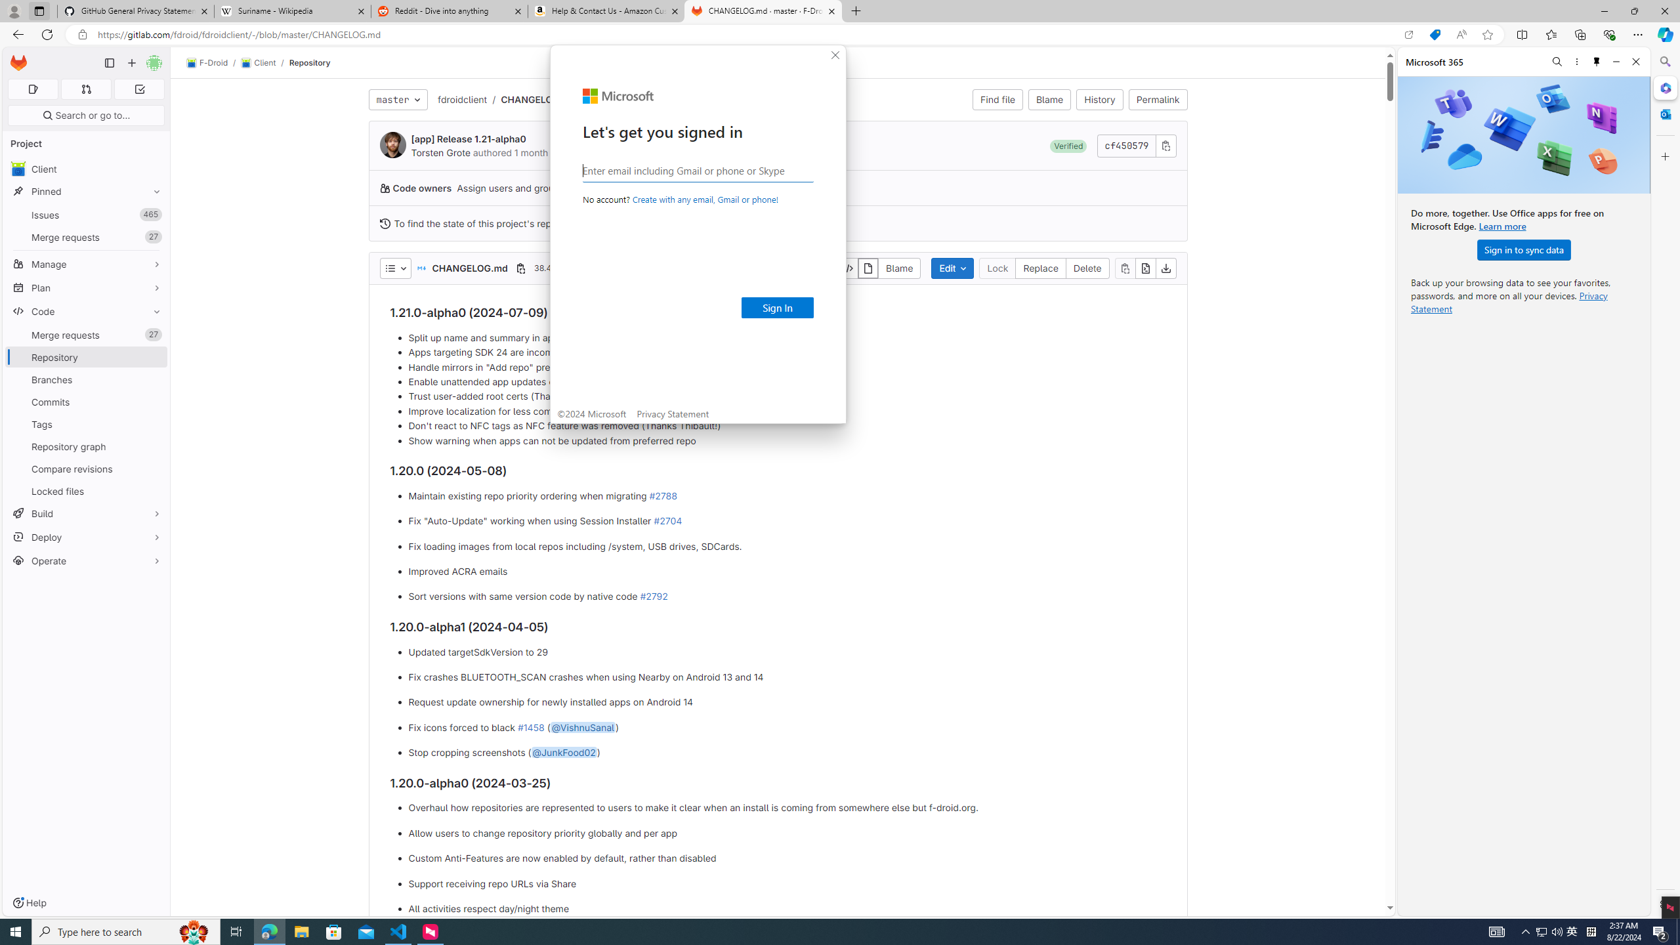 The height and width of the screenshot is (945, 1680). Describe the element at coordinates (33, 89) in the screenshot. I see `'Assigned issues 0'` at that location.